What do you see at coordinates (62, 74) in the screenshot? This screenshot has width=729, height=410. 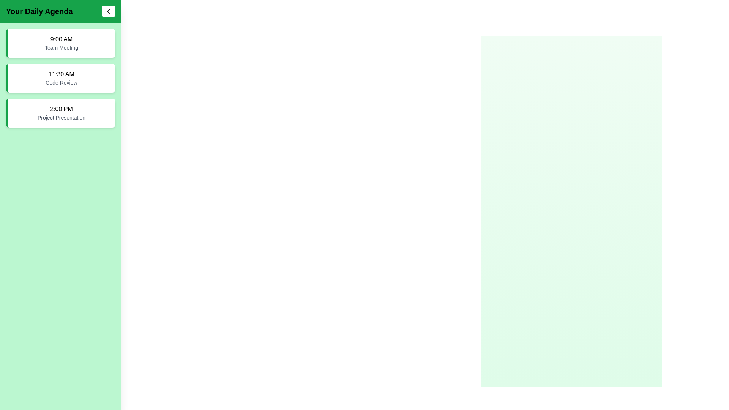 I see `the text label displaying '11:30 AM' which is located at the top part of the 'Code Review' card in the vertical stack of agenda items` at bounding box center [62, 74].